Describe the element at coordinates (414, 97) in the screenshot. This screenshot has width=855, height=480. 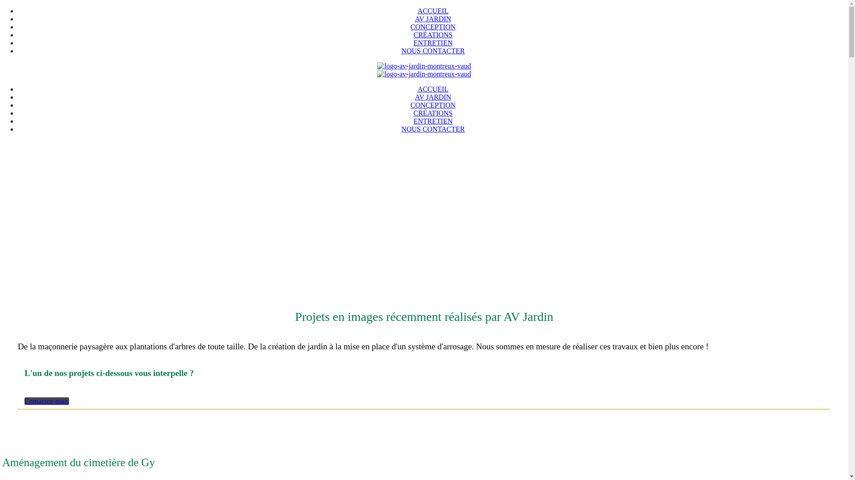
I see `'AV JARDIN'` at that location.